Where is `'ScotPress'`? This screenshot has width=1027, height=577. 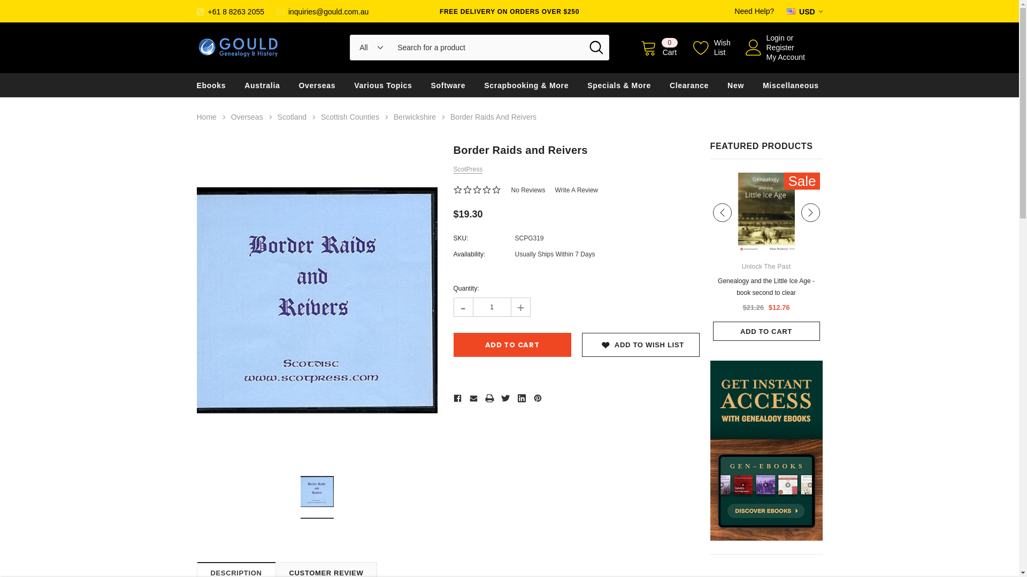 'ScotPress' is located at coordinates (468, 168).